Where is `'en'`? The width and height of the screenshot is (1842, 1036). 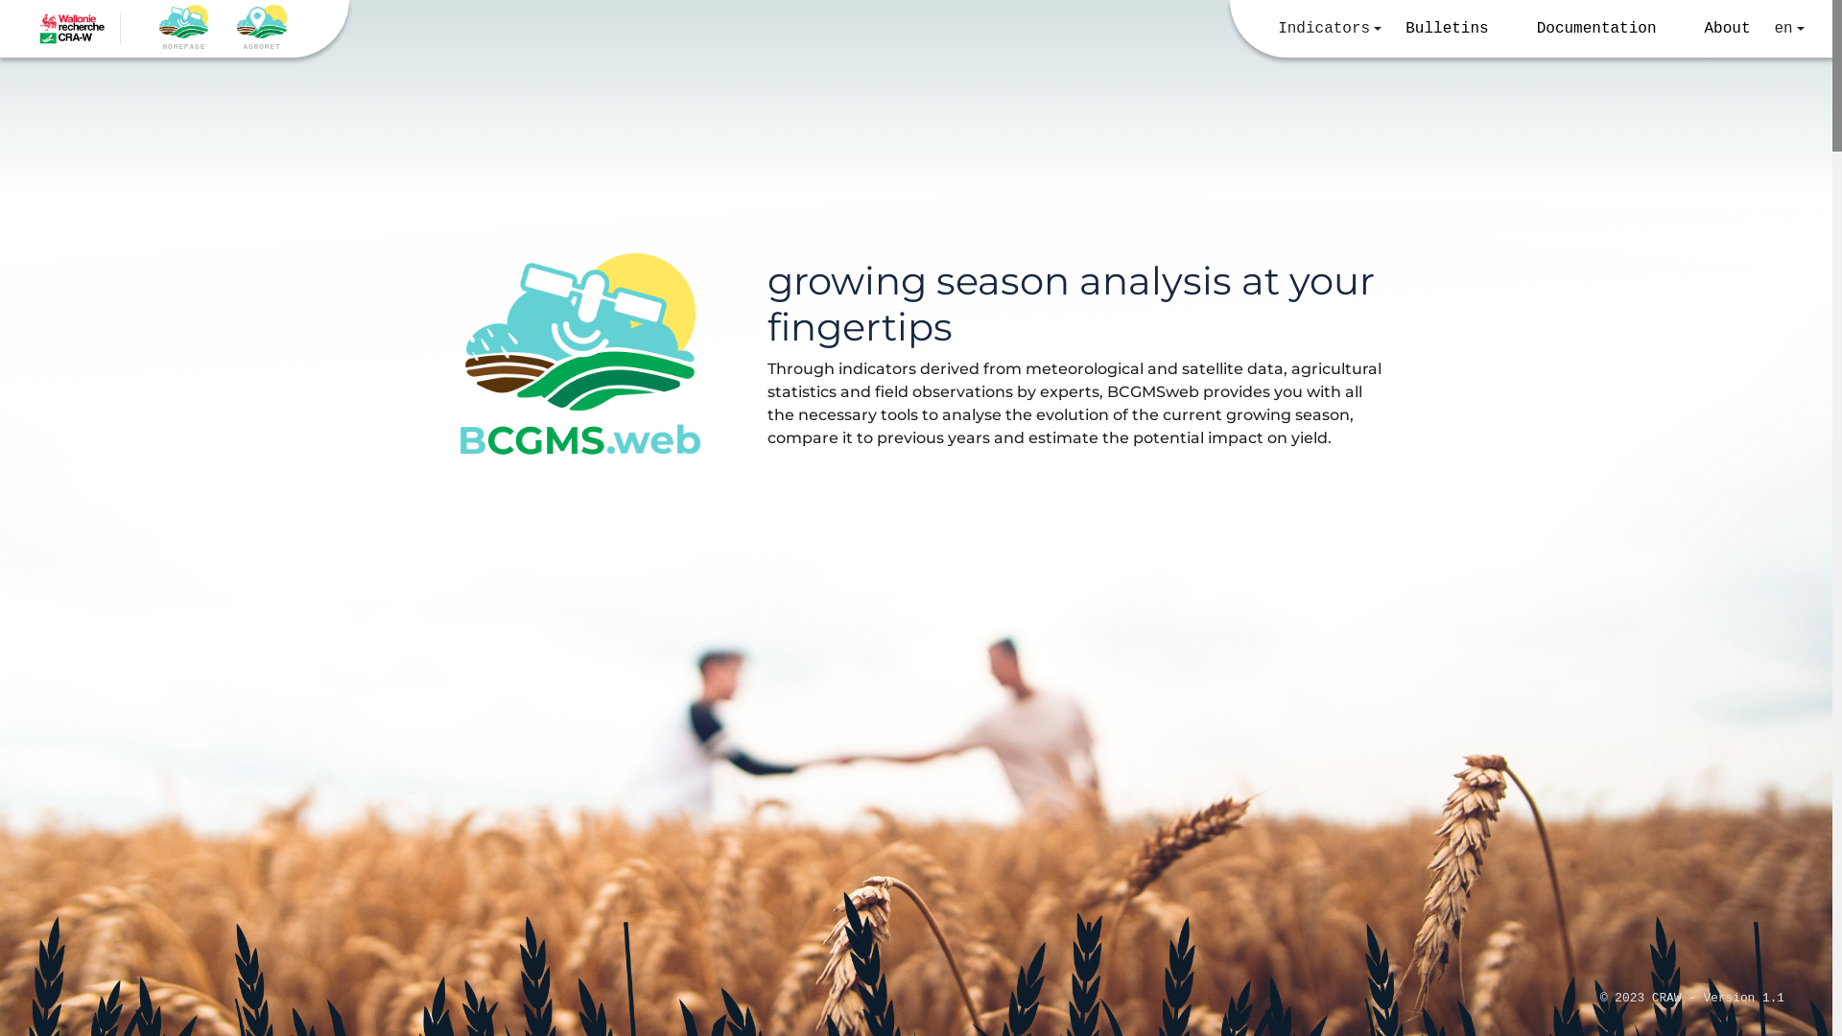
'en' is located at coordinates (1788, 29).